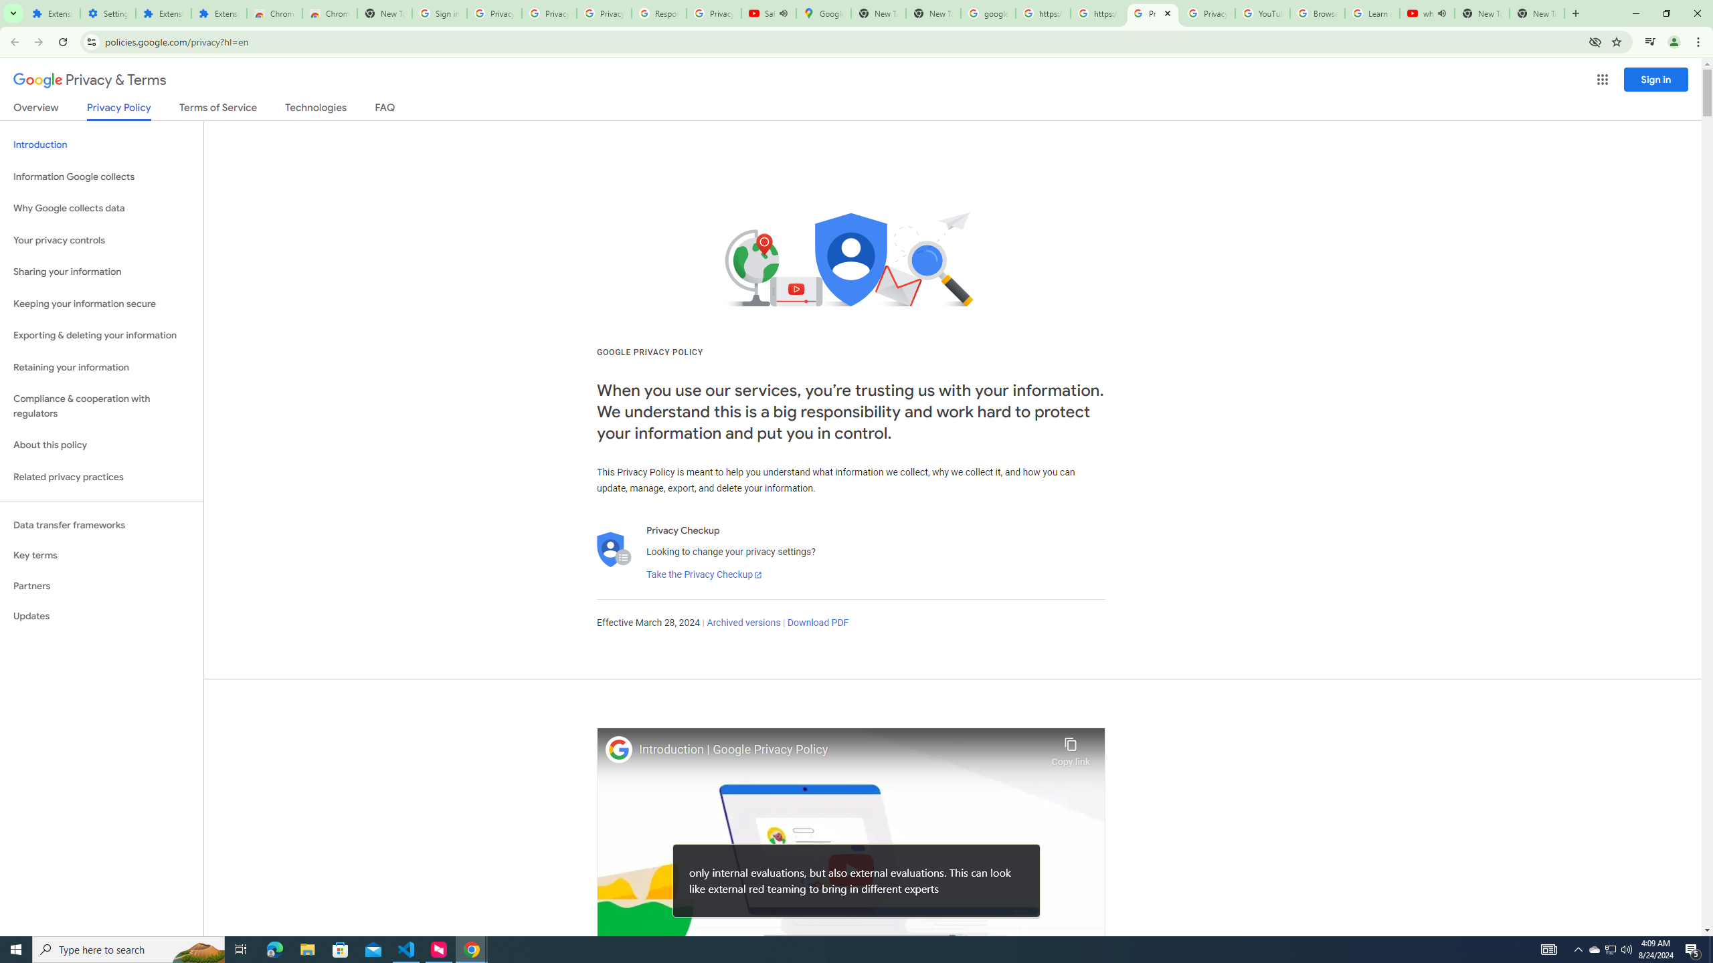 The width and height of the screenshot is (1713, 963). I want to click on 'Archived versions', so click(743, 622).